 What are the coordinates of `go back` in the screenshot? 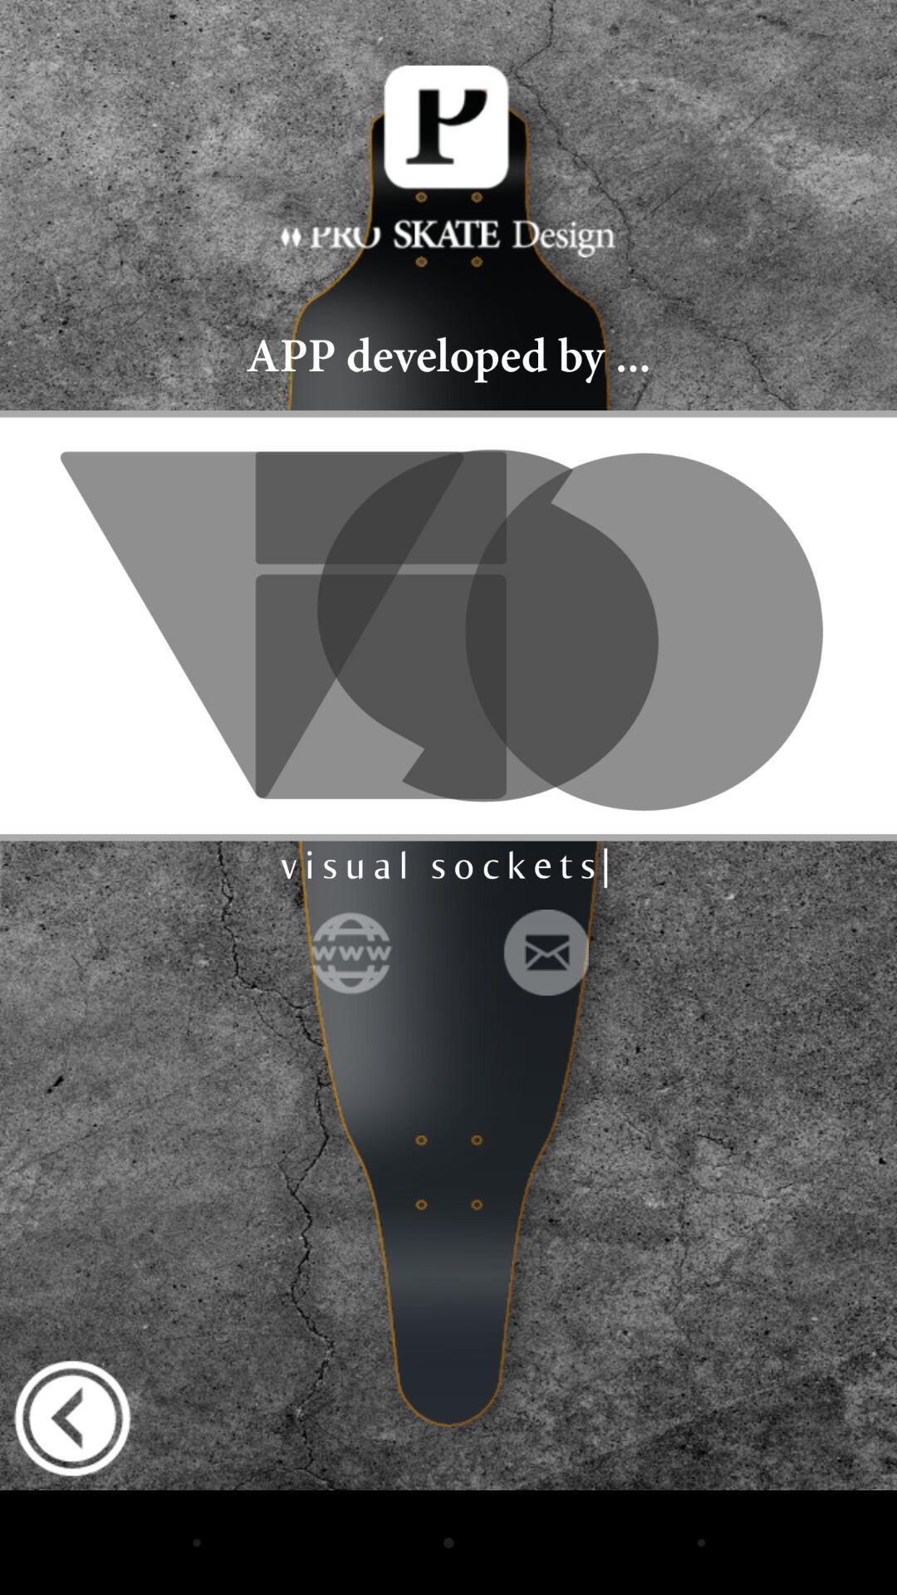 It's located at (71, 1416).